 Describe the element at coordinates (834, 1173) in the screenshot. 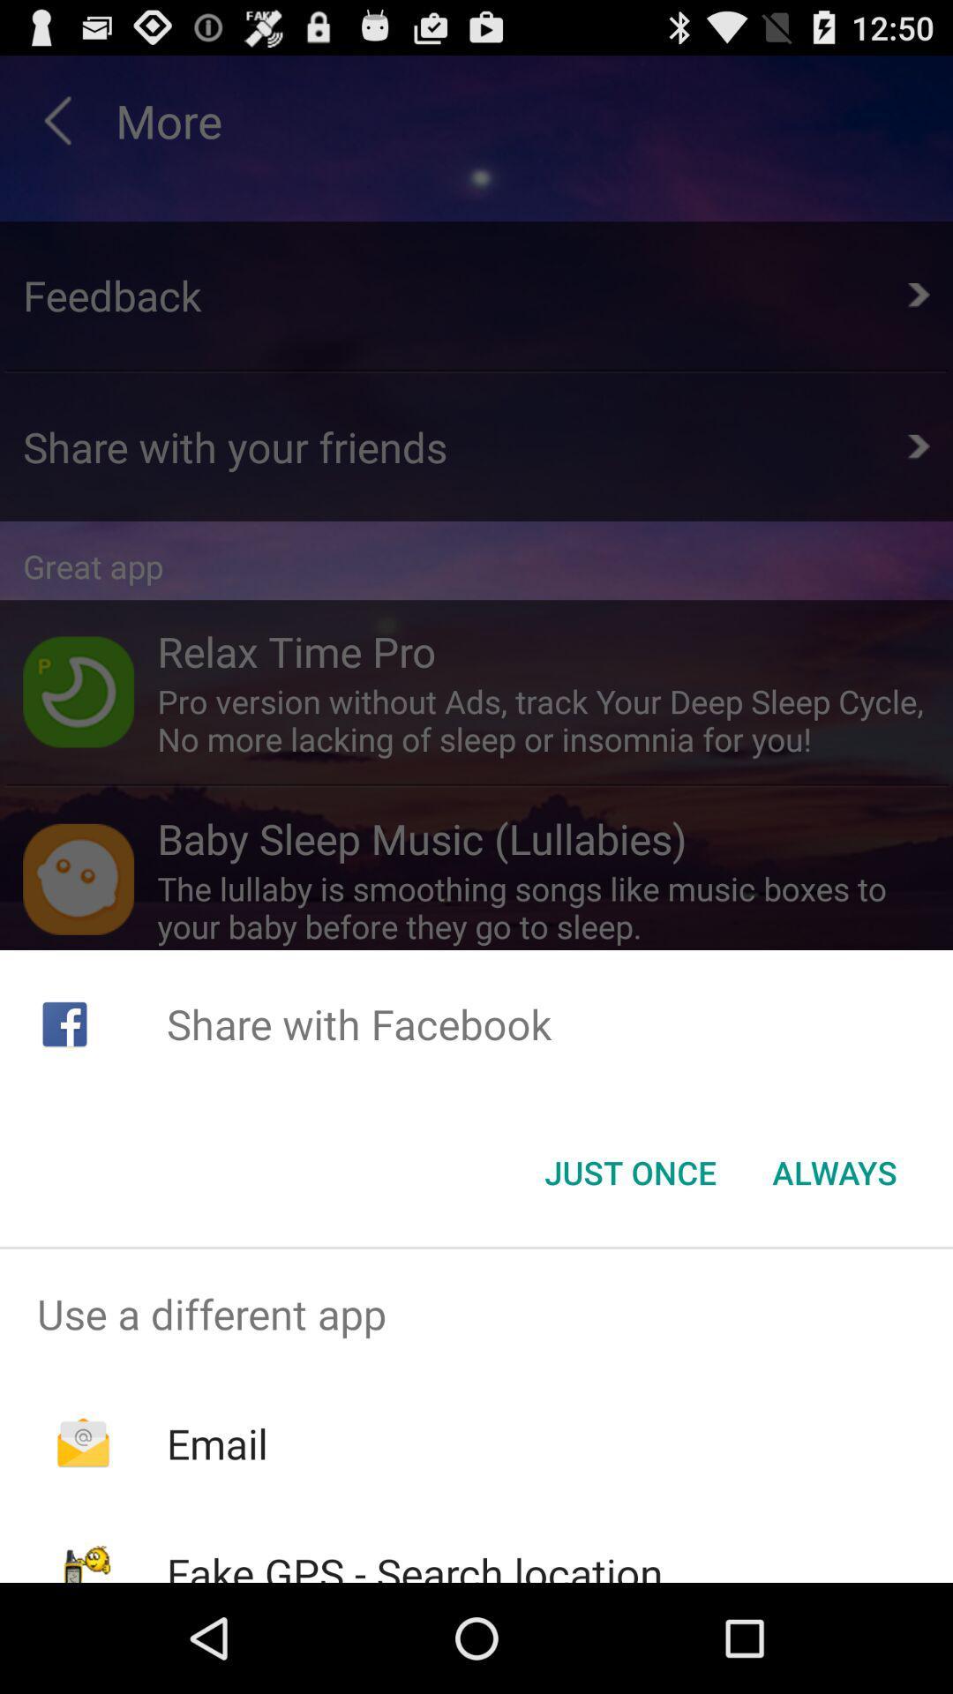

I see `the item at the bottom right corner` at that location.